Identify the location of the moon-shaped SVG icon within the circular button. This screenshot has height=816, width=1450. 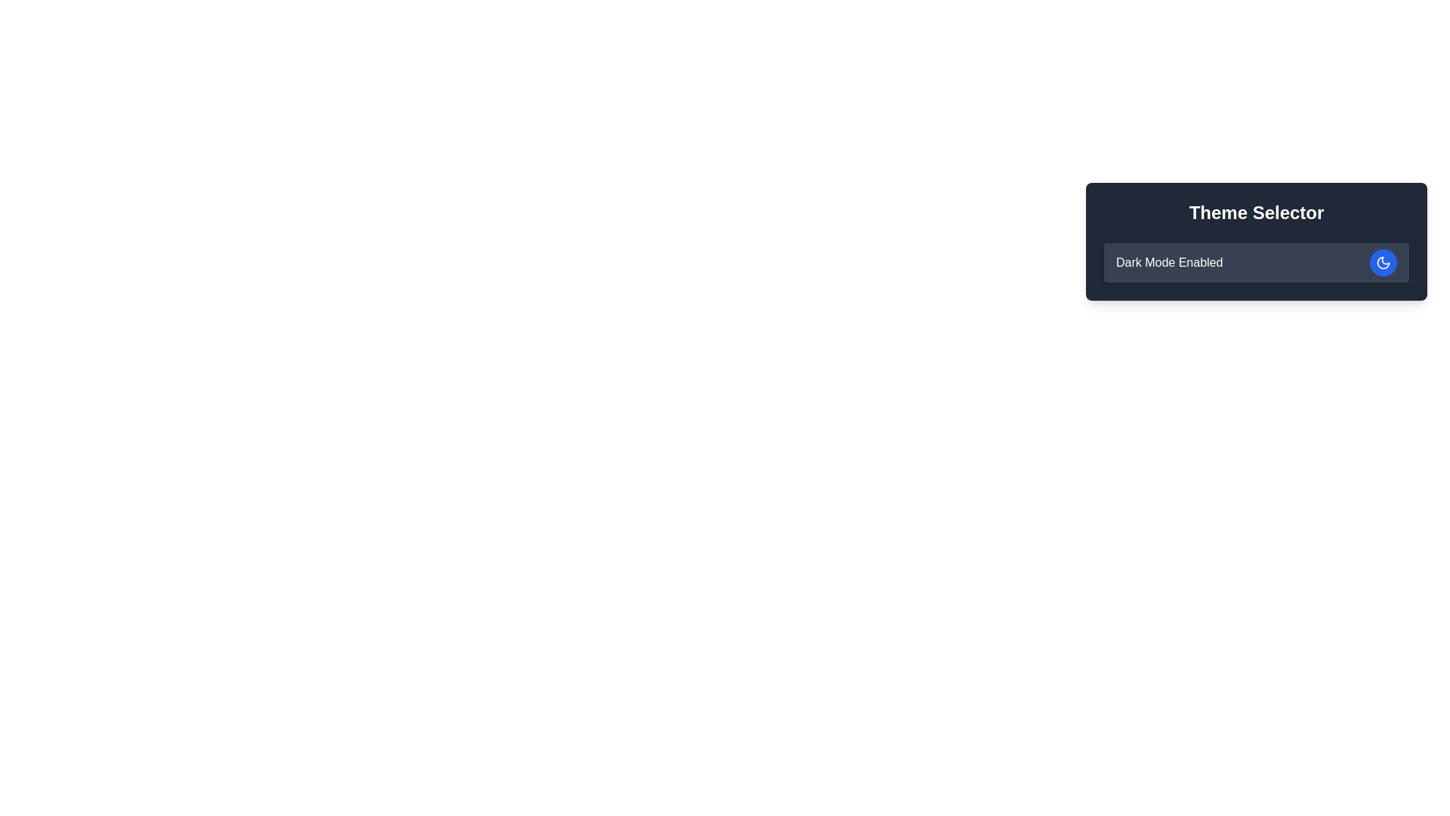
(1384, 261).